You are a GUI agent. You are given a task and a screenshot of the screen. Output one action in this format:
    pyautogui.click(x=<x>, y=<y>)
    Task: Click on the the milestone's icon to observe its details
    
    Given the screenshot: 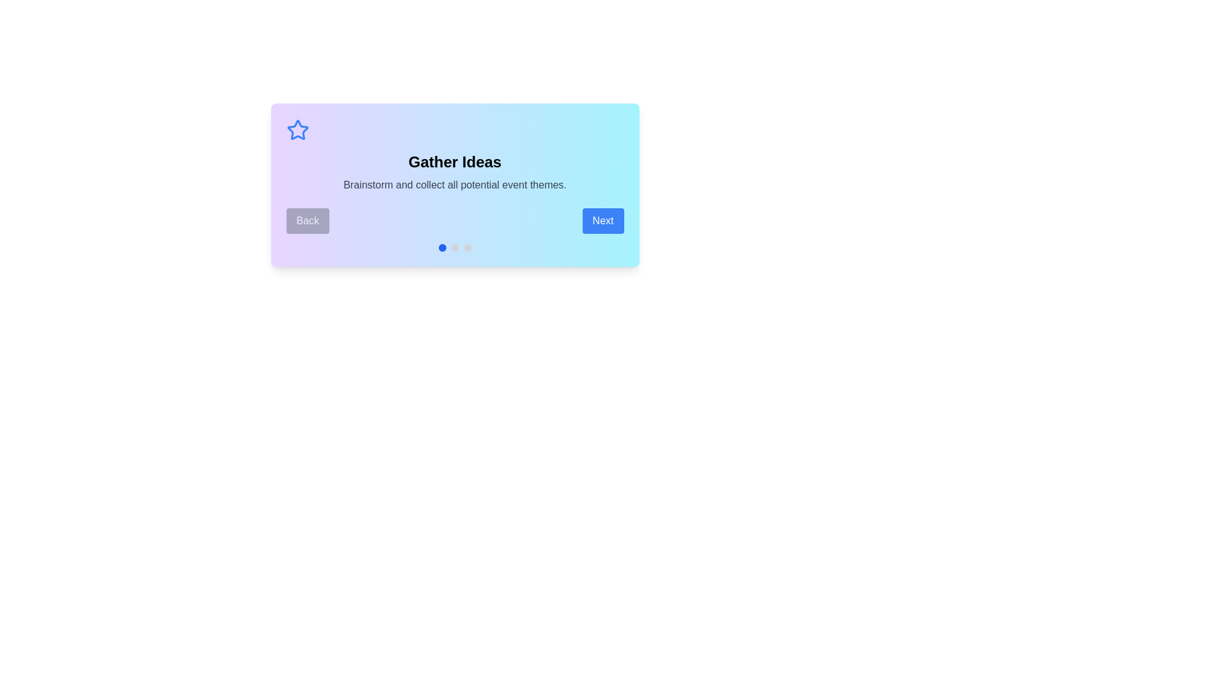 What is the action you would take?
    pyautogui.click(x=297, y=130)
    